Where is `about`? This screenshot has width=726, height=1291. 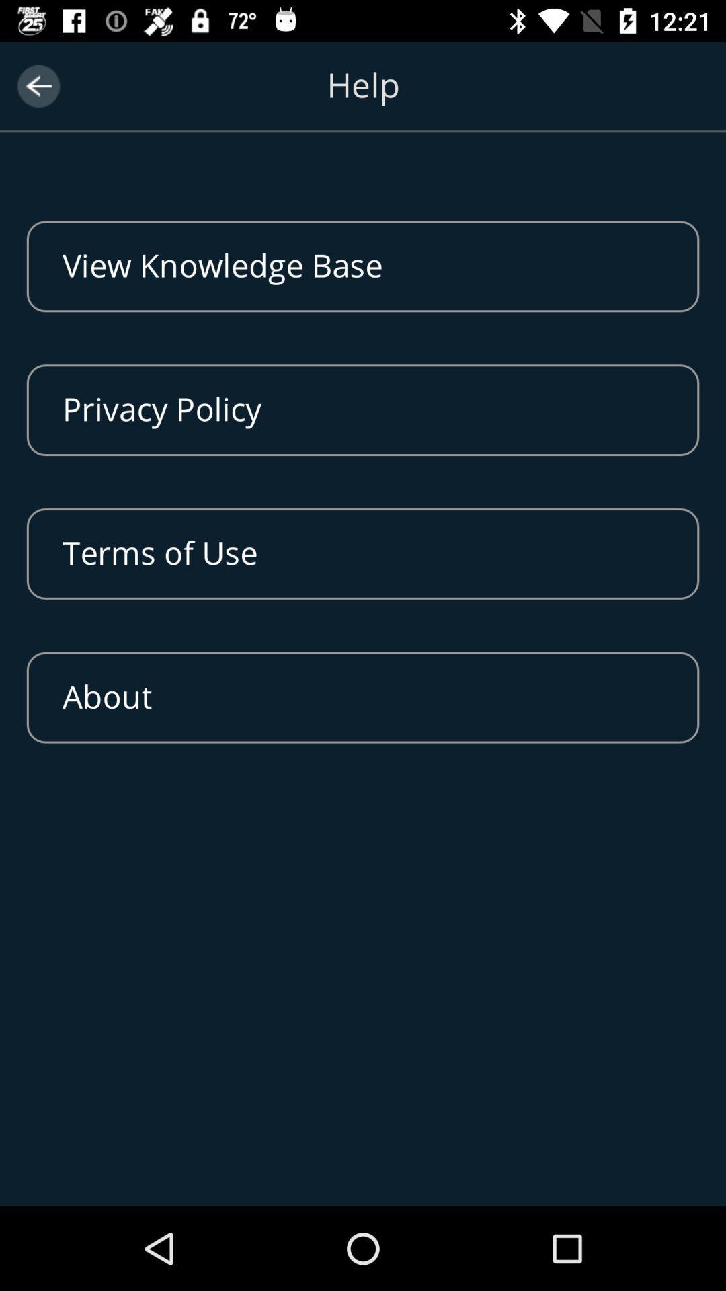
about is located at coordinates (363, 697).